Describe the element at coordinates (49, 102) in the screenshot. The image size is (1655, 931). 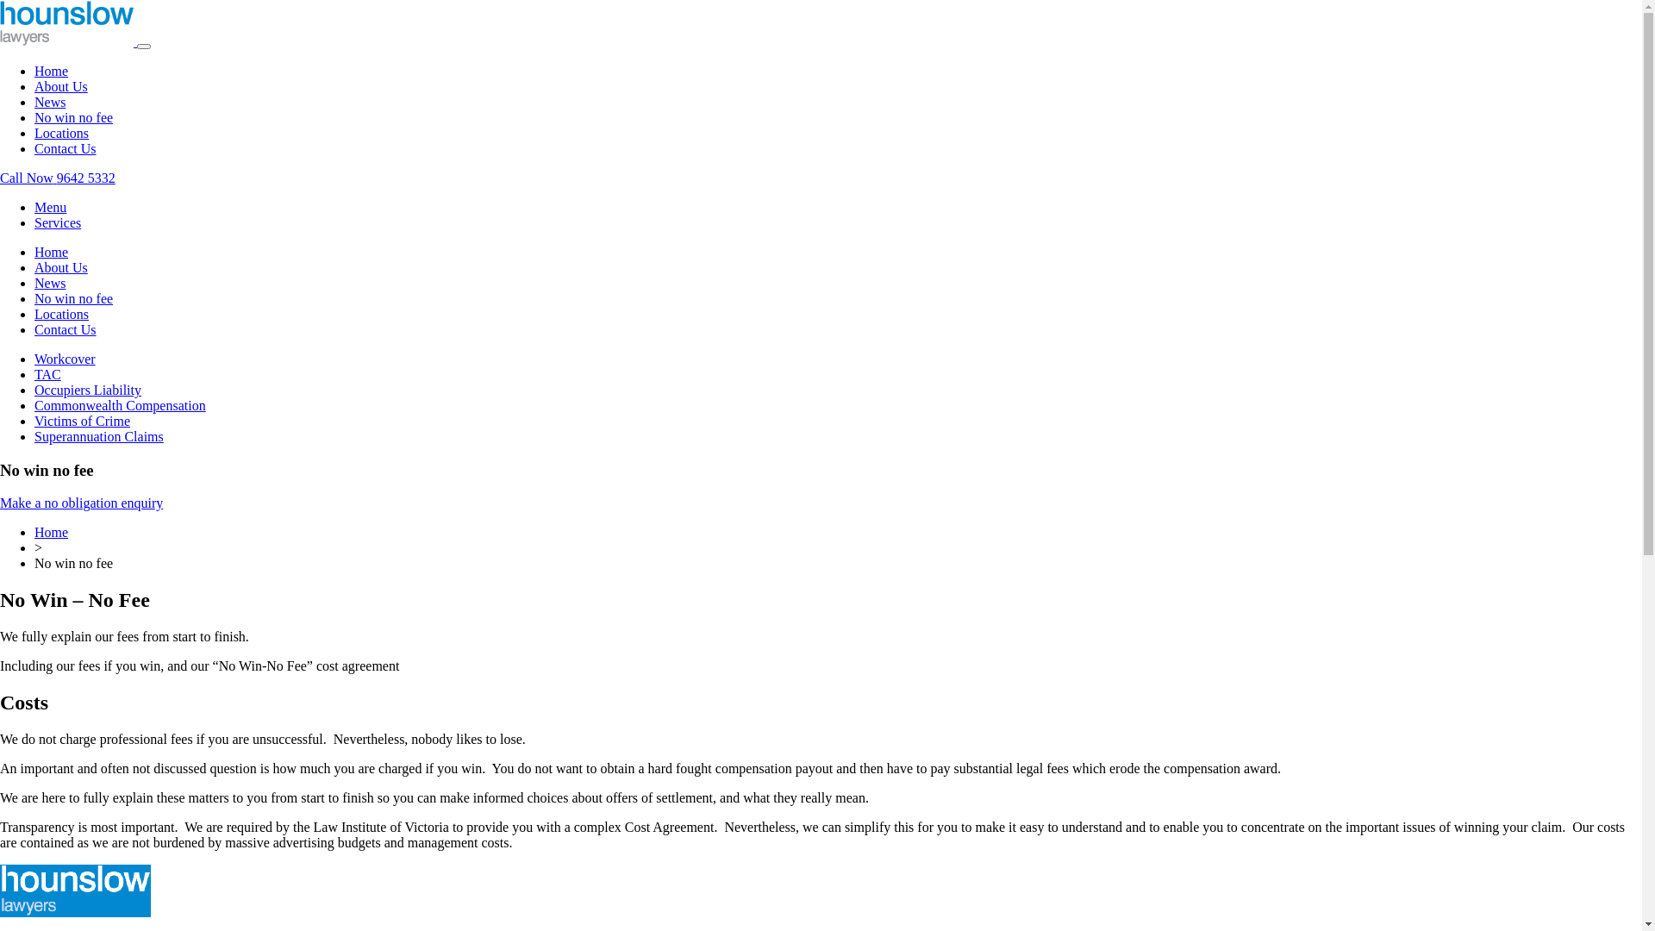
I see `'News'` at that location.